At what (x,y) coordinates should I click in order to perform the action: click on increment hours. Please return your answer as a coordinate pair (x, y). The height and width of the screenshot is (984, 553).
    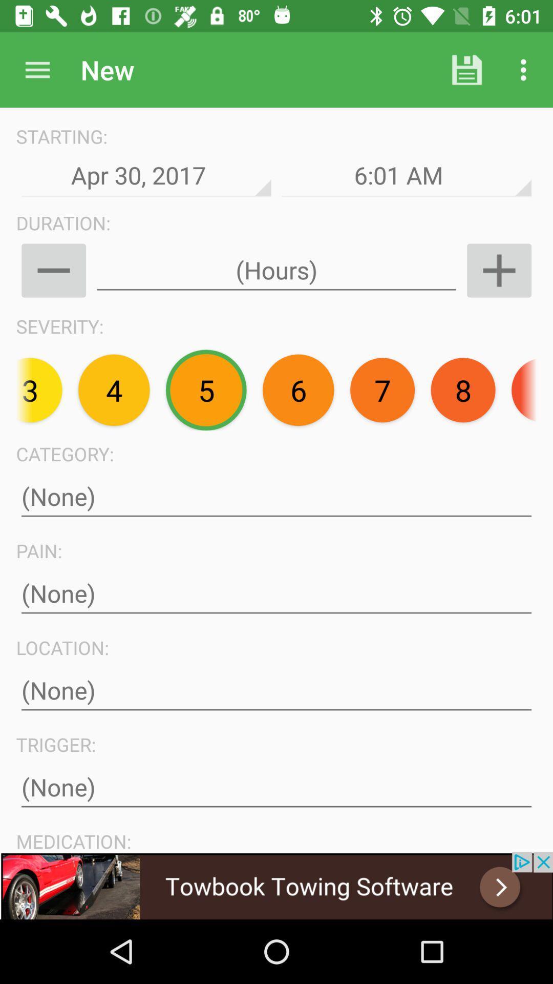
    Looking at the image, I should click on (499, 271).